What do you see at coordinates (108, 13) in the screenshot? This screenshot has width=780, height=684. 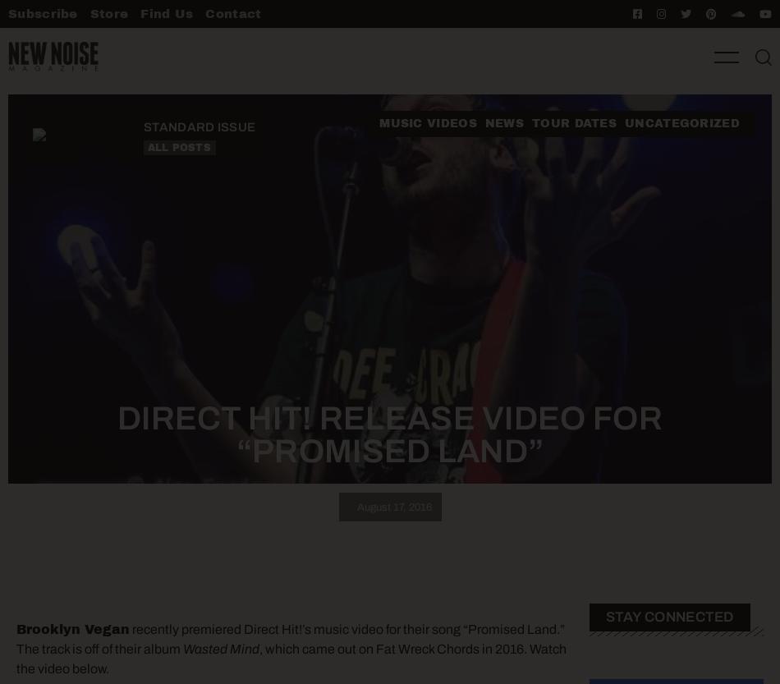 I see `'Store'` at bounding box center [108, 13].